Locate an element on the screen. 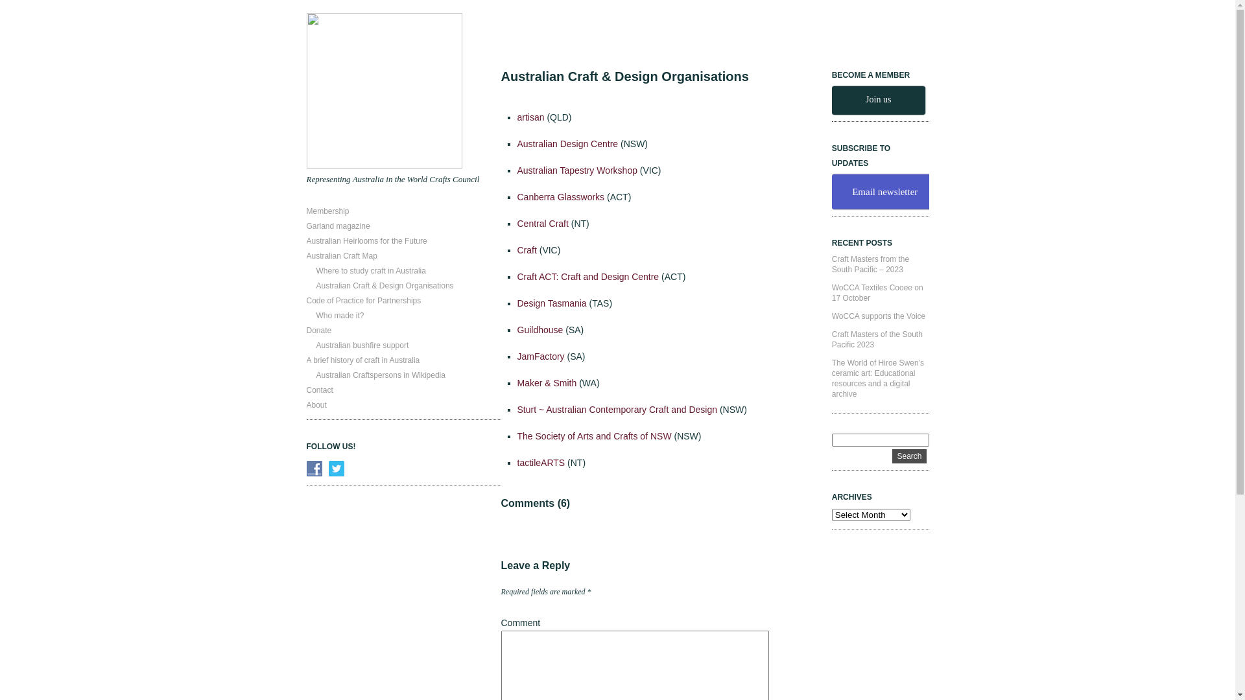 The height and width of the screenshot is (700, 1245). 'Maker & Smith' is located at coordinates (516, 382).